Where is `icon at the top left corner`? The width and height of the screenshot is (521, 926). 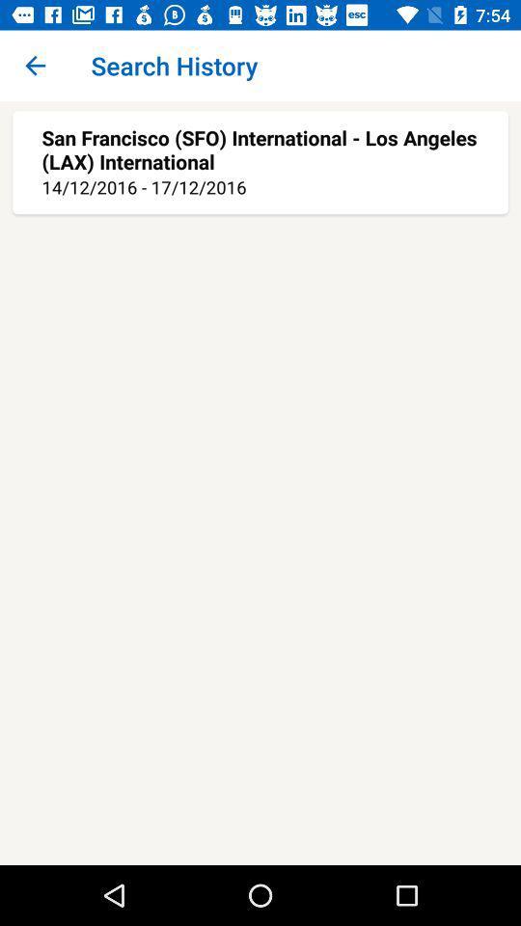 icon at the top left corner is located at coordinates (35, 66).